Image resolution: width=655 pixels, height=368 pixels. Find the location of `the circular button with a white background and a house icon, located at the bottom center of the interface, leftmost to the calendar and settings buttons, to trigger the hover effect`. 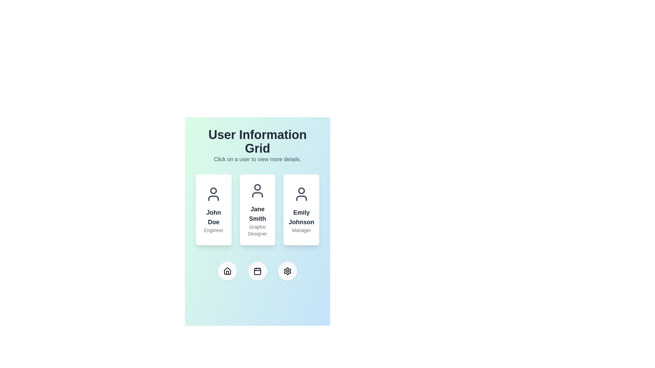

the circular button with a white background and a house icon, located at the bottom center of the interface, leftmost to the calendar and settings buttons, to trigger the hover effect is located at coordinates (228, 271).